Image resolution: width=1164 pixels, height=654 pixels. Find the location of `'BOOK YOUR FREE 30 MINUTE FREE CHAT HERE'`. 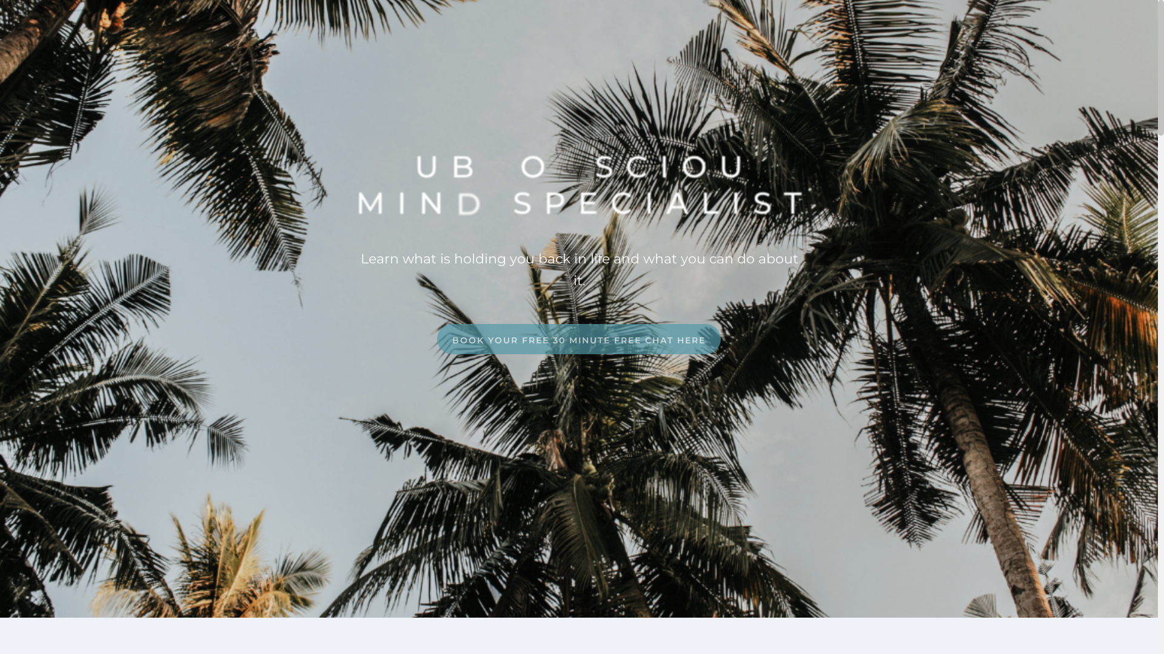

'BOOK YOUR FREE 30 MINUTE FREE CHAT HERE' is located at coordinates (578, 339).